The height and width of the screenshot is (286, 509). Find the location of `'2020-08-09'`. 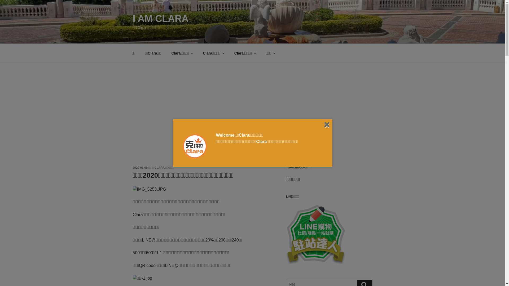

'2020-08-09' is located at coordinates (140, 167).